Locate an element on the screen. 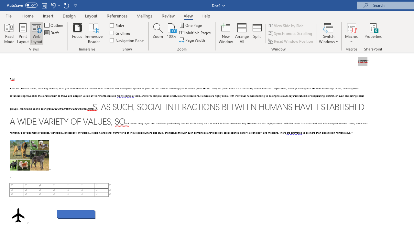  'New Window' is located at coordinates (226, 33).